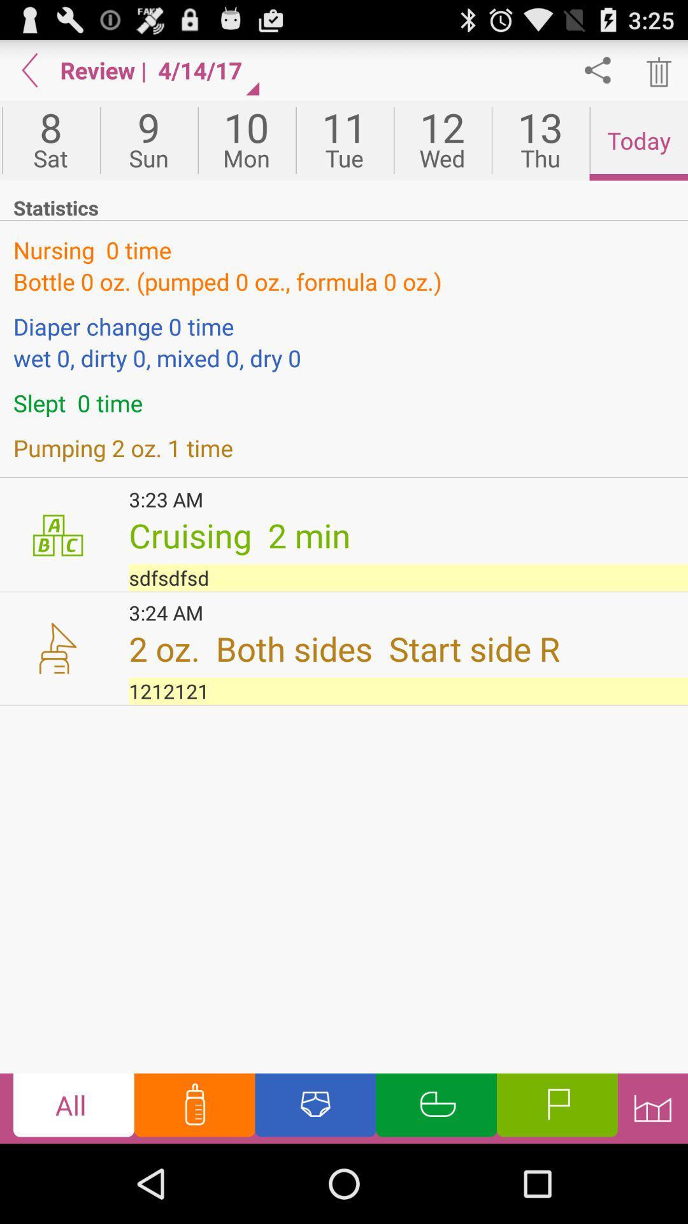 The height and width of the screenshot is (1224, 688). What do you see at coordinates (194, 1107) in the screenshot?
I see `feeding` at bounding box center [194, 1107].